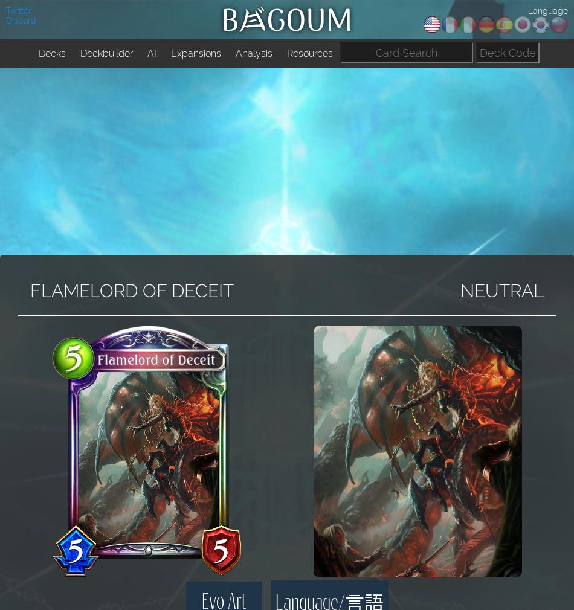 The width and height of the screenshot is (574, 610). I want to click on 'Rotation', so click(189, 80).